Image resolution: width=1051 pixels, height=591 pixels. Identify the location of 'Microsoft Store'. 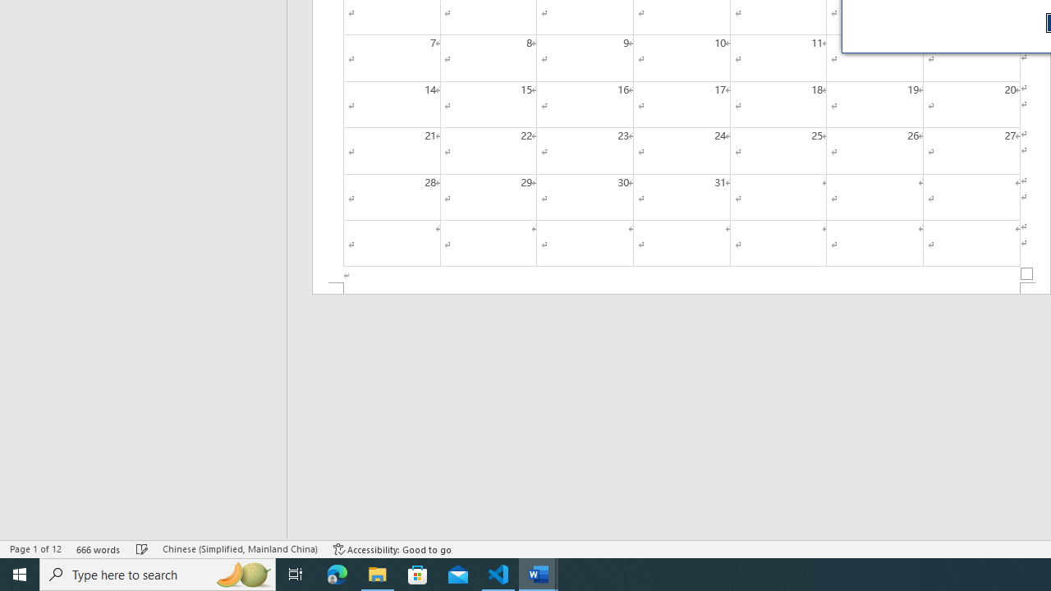
(418, 573).